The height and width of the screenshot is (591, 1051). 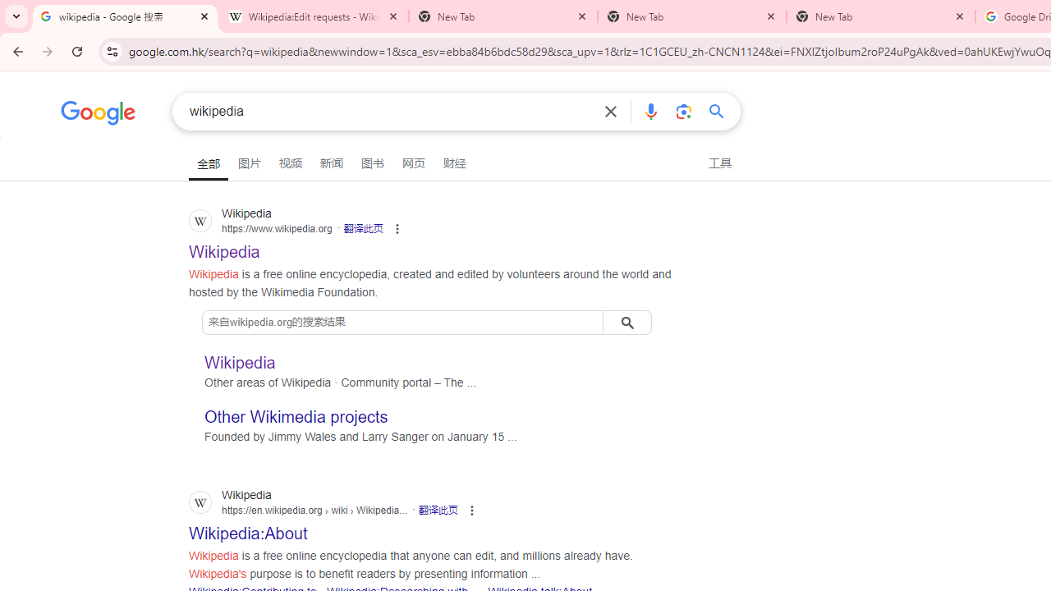 I want to click on 'Wikipedia:Edit requests - Wikipedia', so click(x=314, y=16).